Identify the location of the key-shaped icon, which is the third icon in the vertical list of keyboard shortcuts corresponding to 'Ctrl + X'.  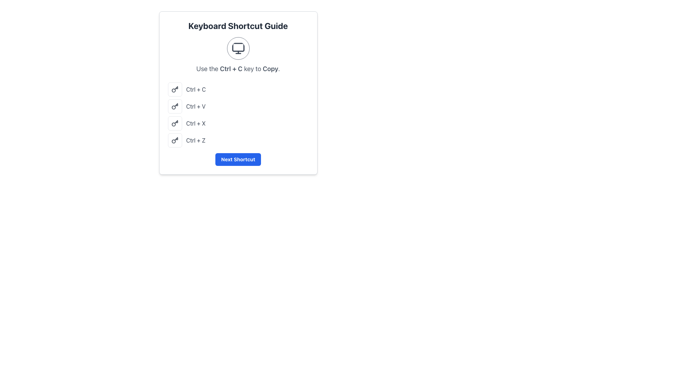
(175, 123).